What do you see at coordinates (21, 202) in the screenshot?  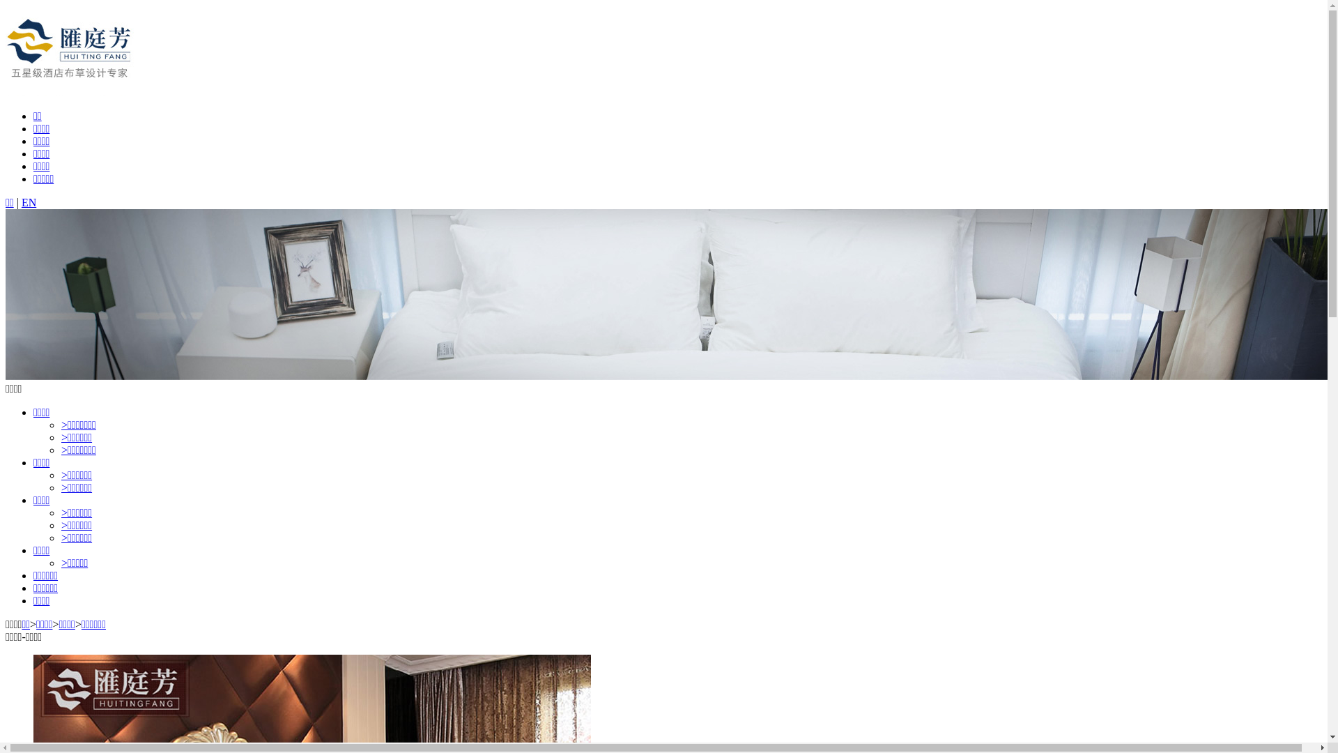 I see `'EN'` at bounding box center [21, 202].